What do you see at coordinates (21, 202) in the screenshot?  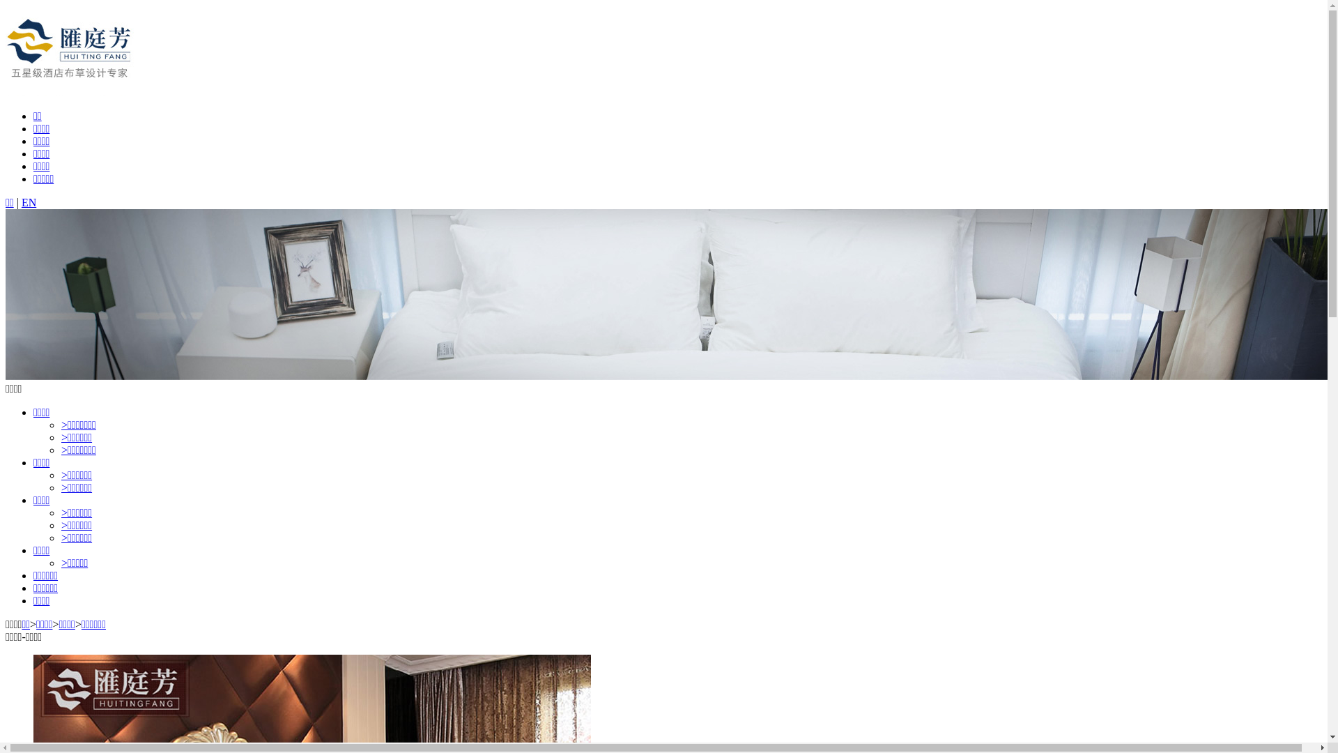 I see `'EN'` at bounding box center [21, 202].